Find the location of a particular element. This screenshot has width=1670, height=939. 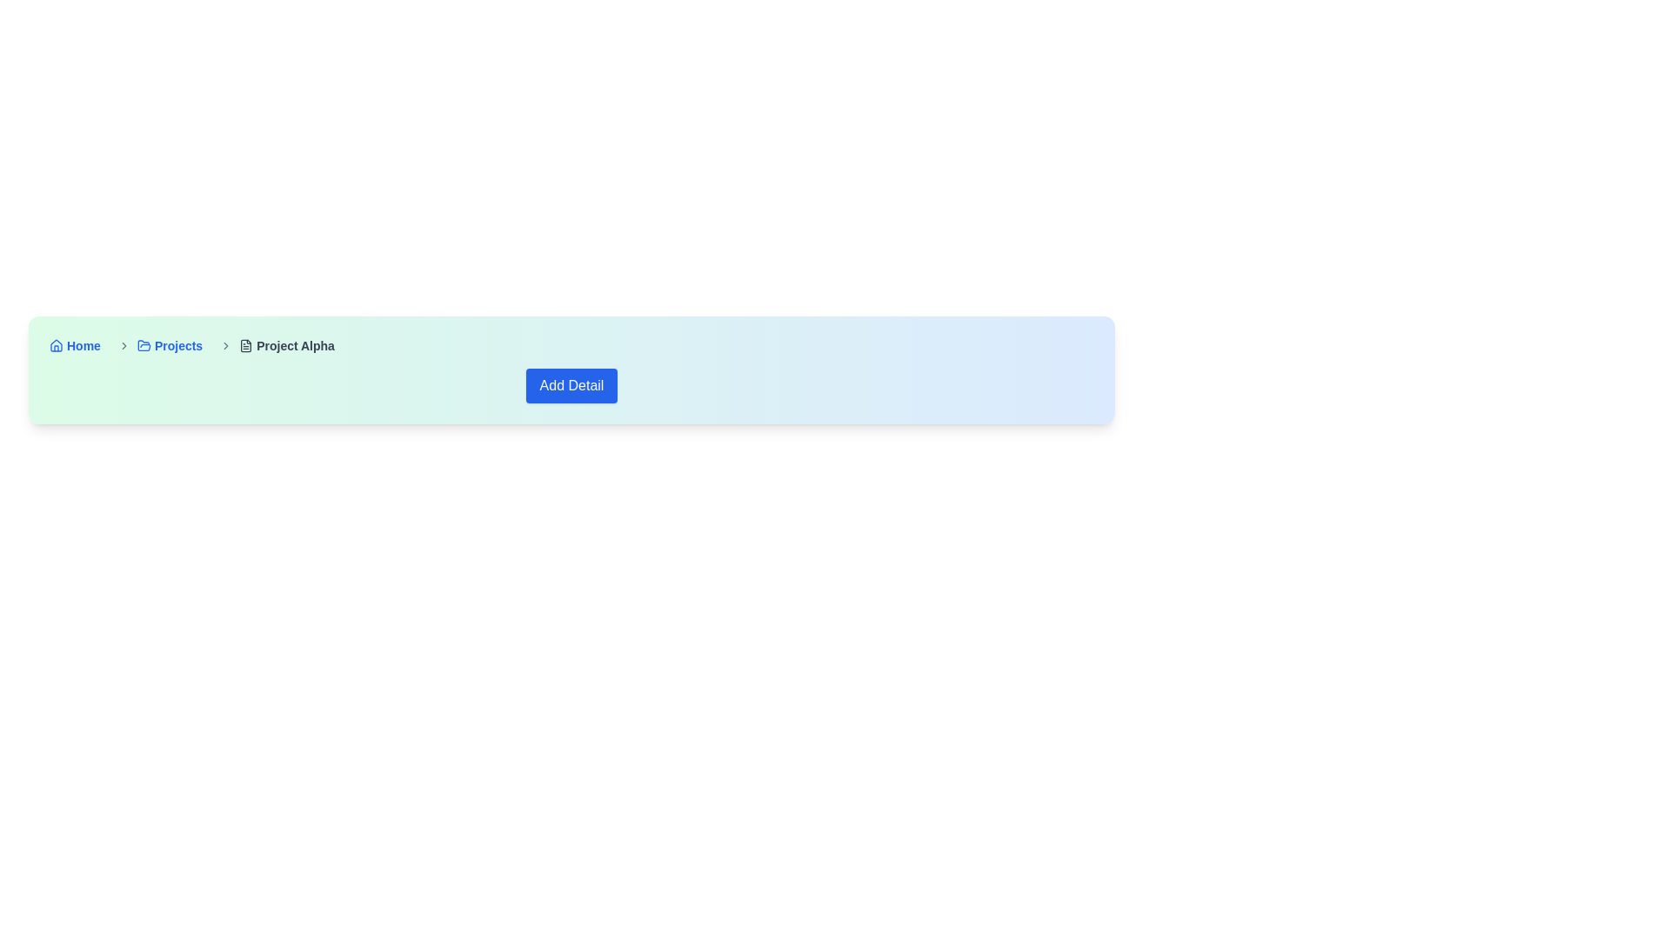

the SVG icon representing an open folder in the breadcrumb navigation, which is styled with a blue outline and positioned between the home icon and the text 'Projects' is located at coordinates (144, 345).